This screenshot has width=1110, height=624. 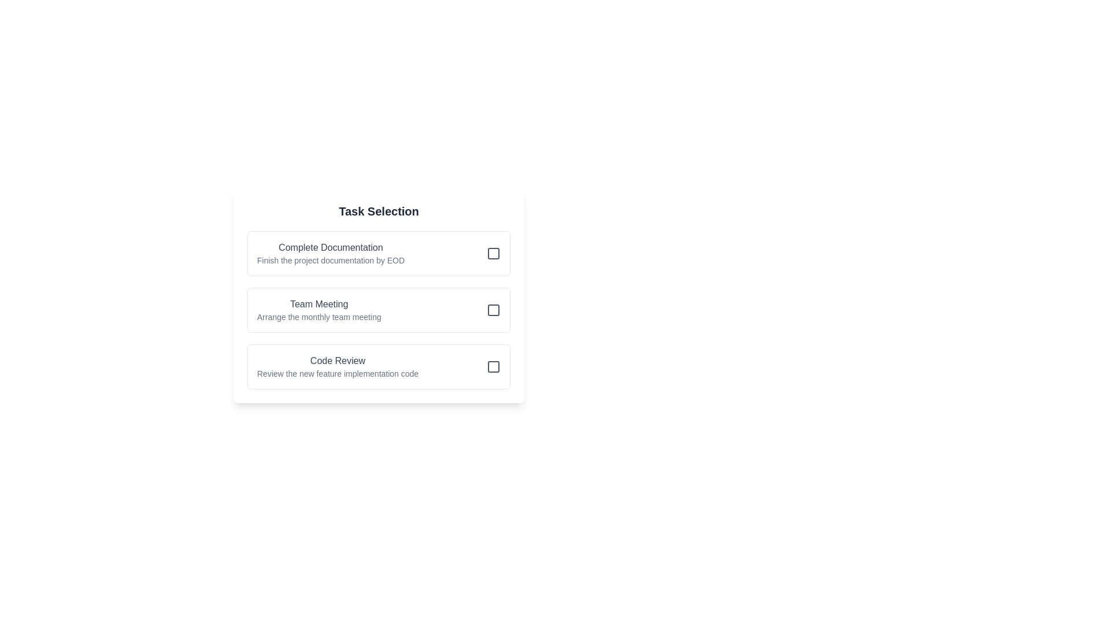 What do you see at coordinates (330, 261) in the screenshot?
I see `the static text label that reads 'Finish the project documentation by EOD.' located beneath the 'Complete Documentation' headline` at bounding box center [330, 261].